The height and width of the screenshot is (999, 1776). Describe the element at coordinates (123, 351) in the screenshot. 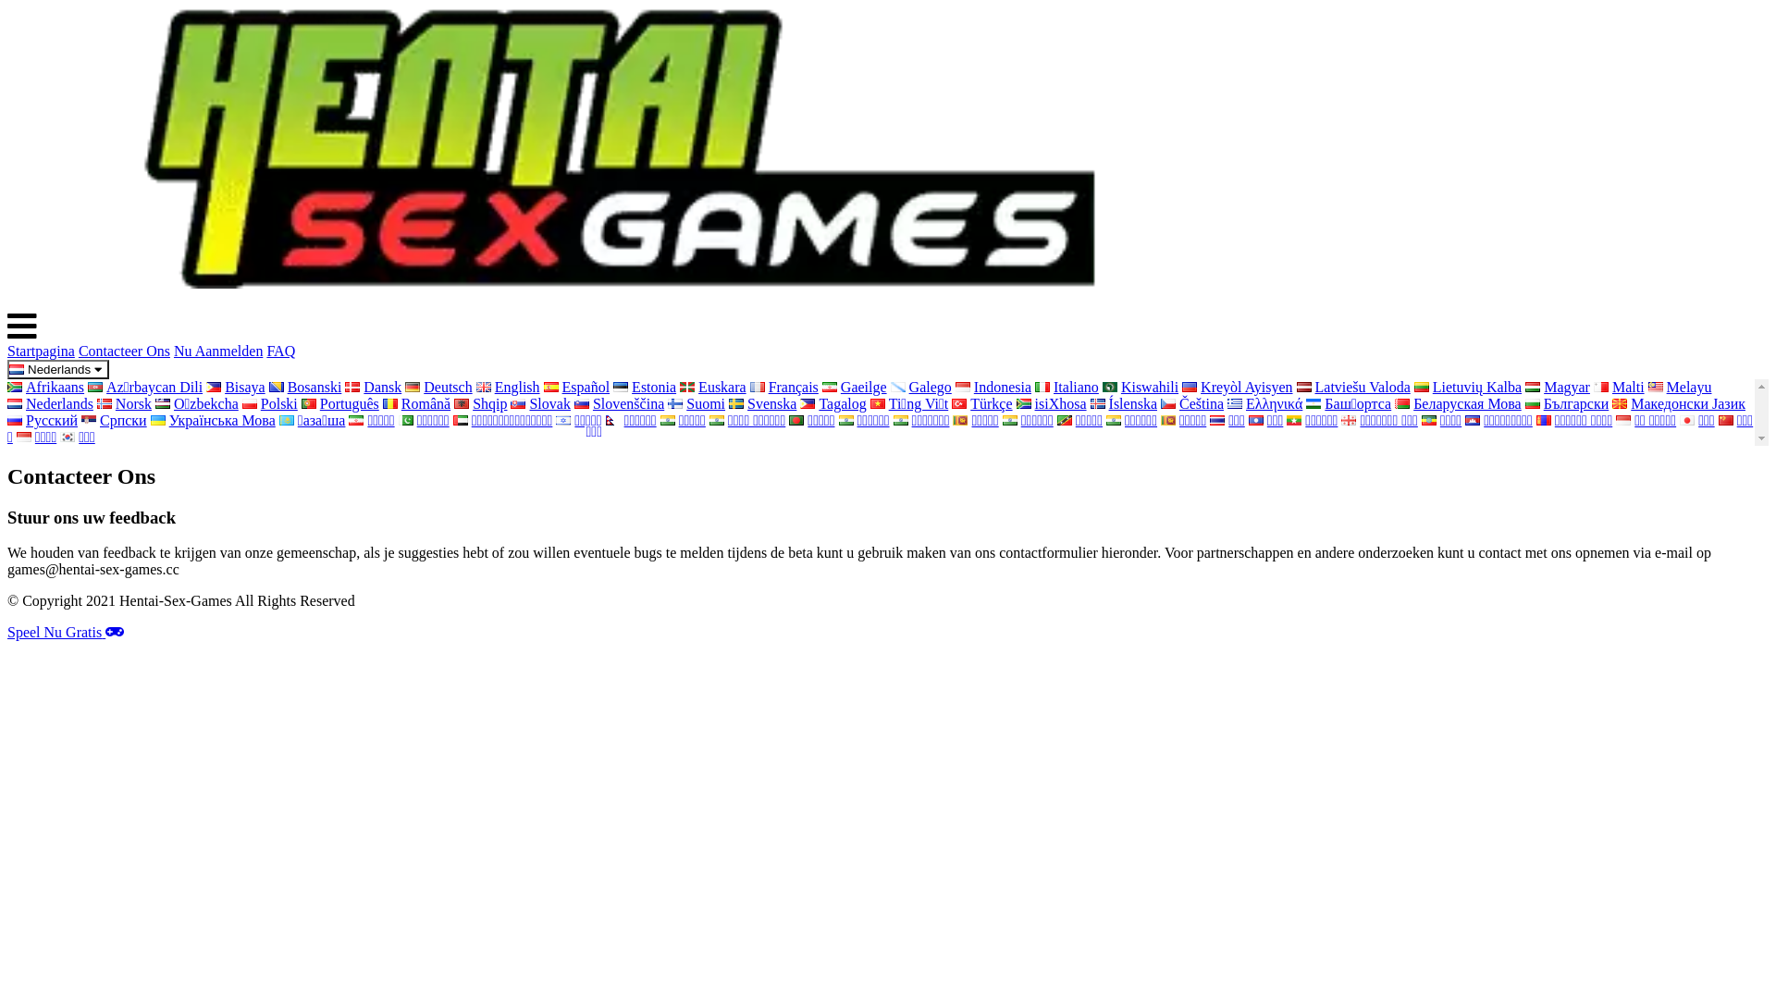

I see `'Contacteer Ons'` at that location.